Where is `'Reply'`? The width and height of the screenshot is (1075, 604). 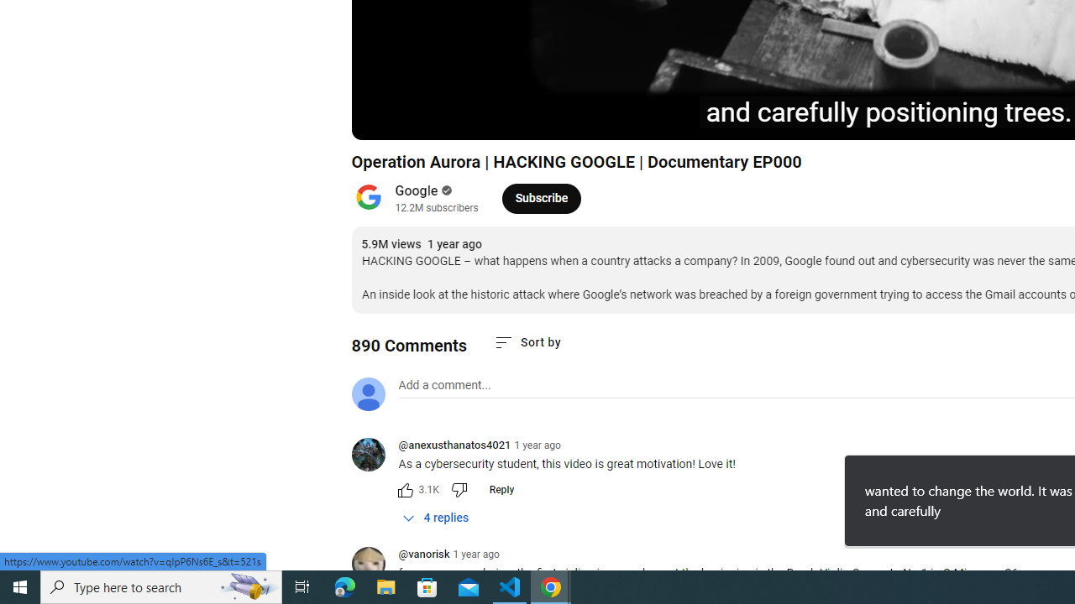 'Reply' is located at coordinates (501, 489).